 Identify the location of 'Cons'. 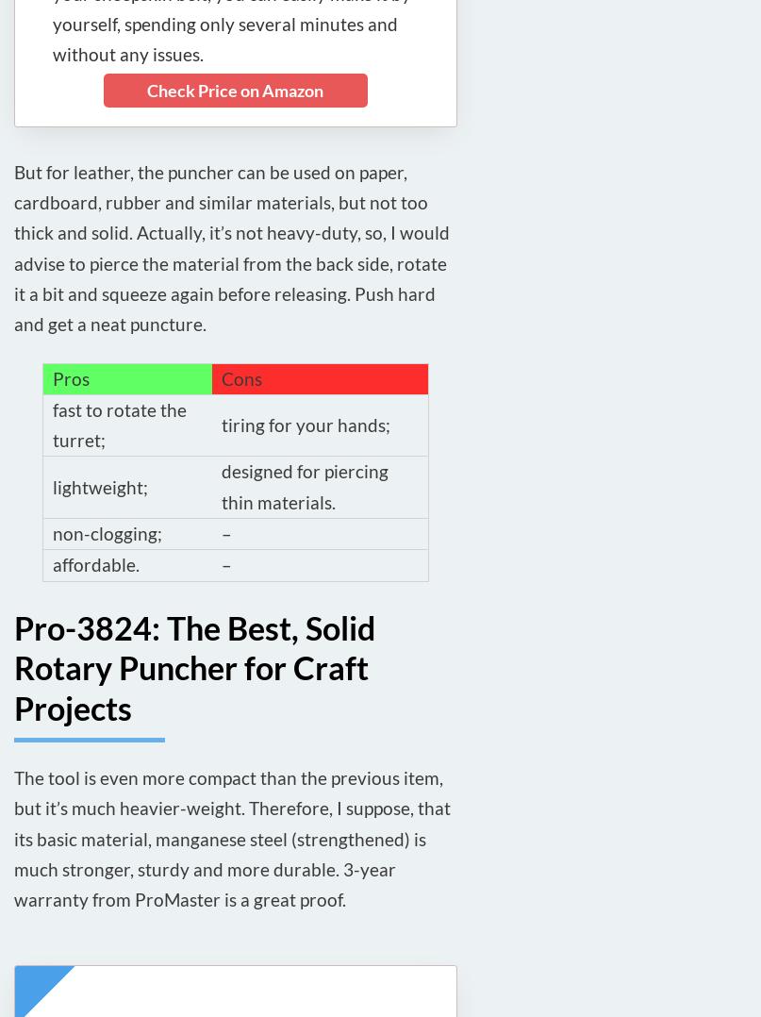
(240, 376).